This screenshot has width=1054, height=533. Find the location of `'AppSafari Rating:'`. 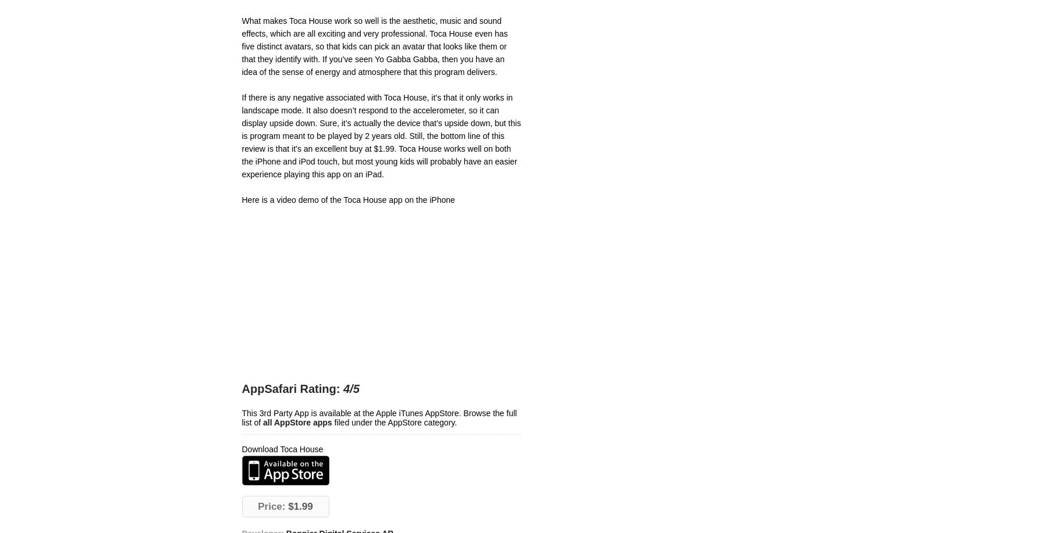

'AppSafari Rating:' is located at coordinates (290, 389).